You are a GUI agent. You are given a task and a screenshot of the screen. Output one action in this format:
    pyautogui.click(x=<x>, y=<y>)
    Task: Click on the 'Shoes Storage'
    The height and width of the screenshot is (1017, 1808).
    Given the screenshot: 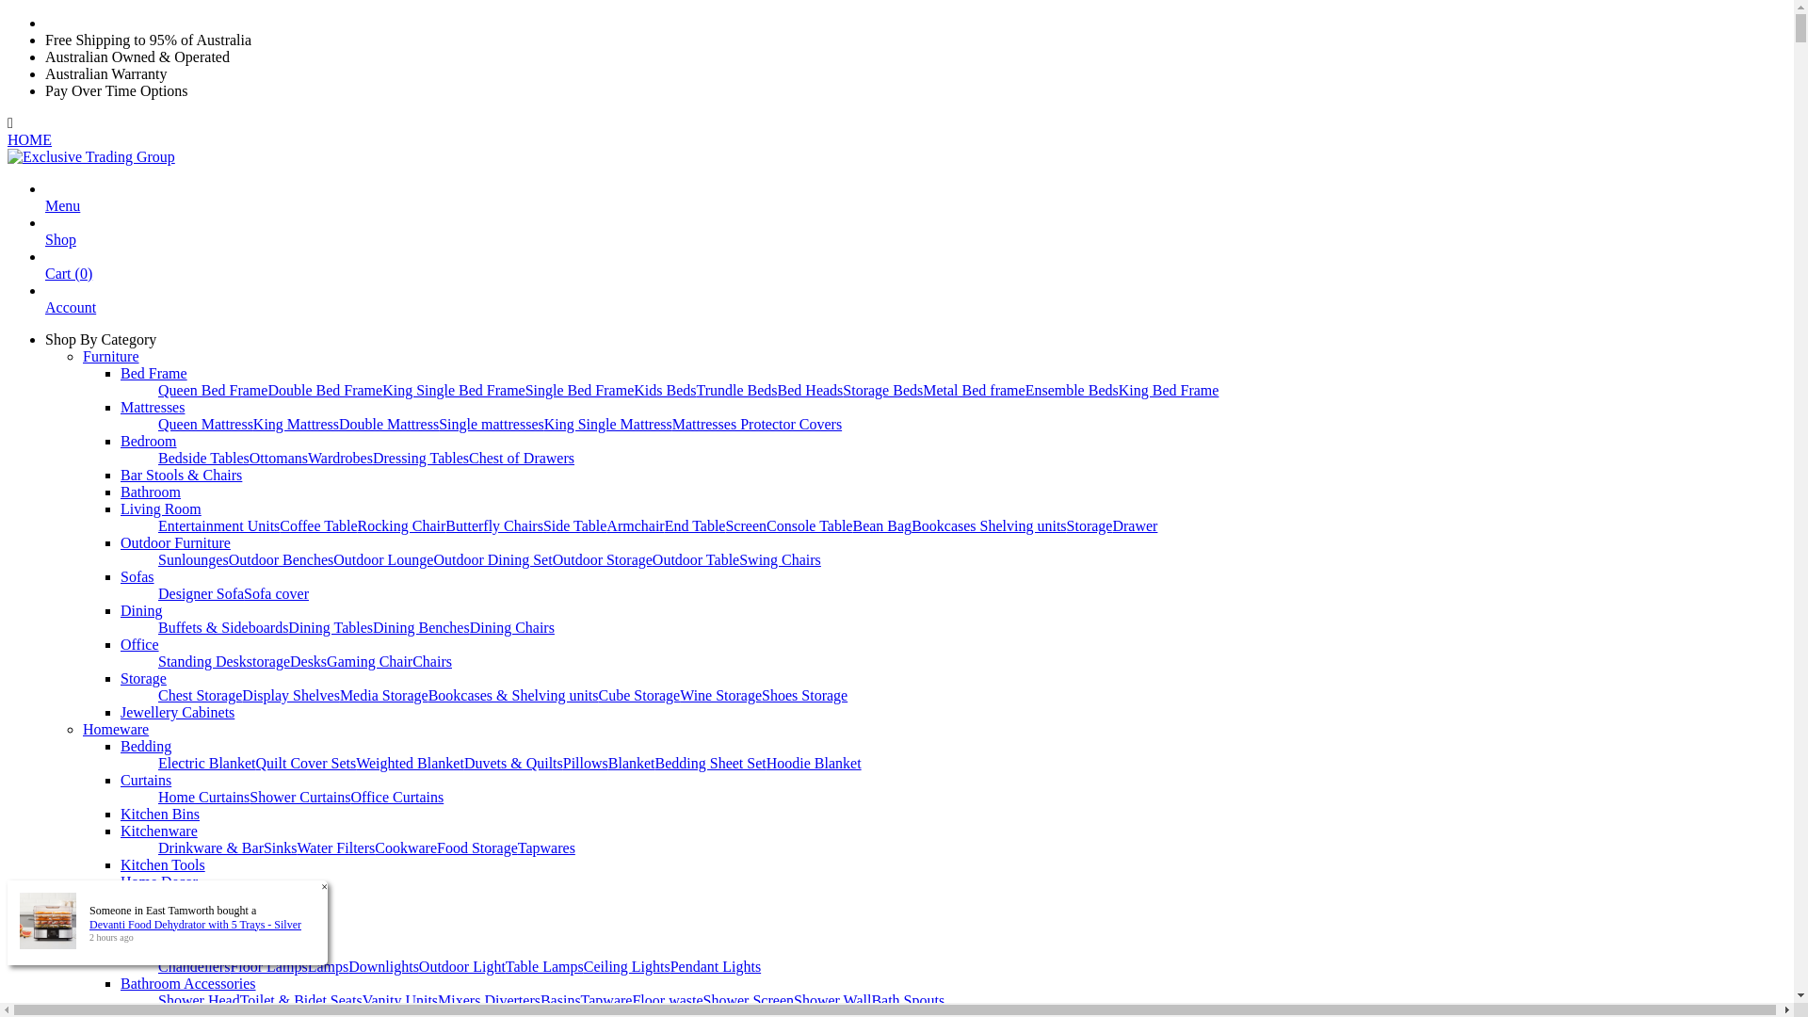 What is the action you would take?
    pyautogui.click(x=762, y=695)
    